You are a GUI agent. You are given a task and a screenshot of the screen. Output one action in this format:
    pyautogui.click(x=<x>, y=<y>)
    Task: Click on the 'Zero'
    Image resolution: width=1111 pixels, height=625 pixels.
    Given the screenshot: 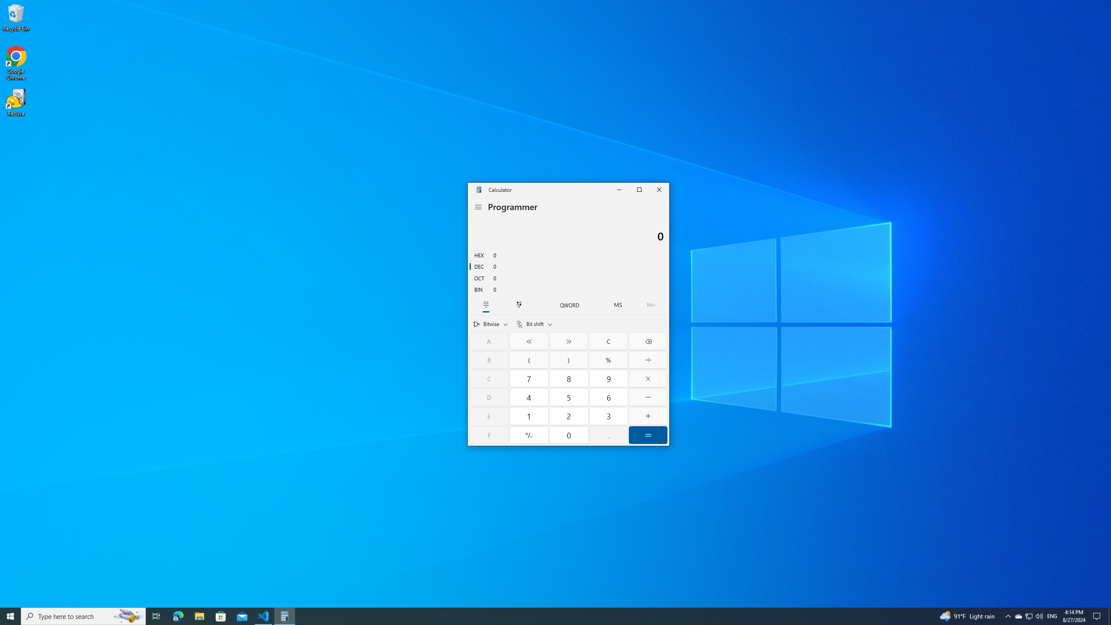 What is the action you would take?
    pyautogui.click(x=569, y=435)
    